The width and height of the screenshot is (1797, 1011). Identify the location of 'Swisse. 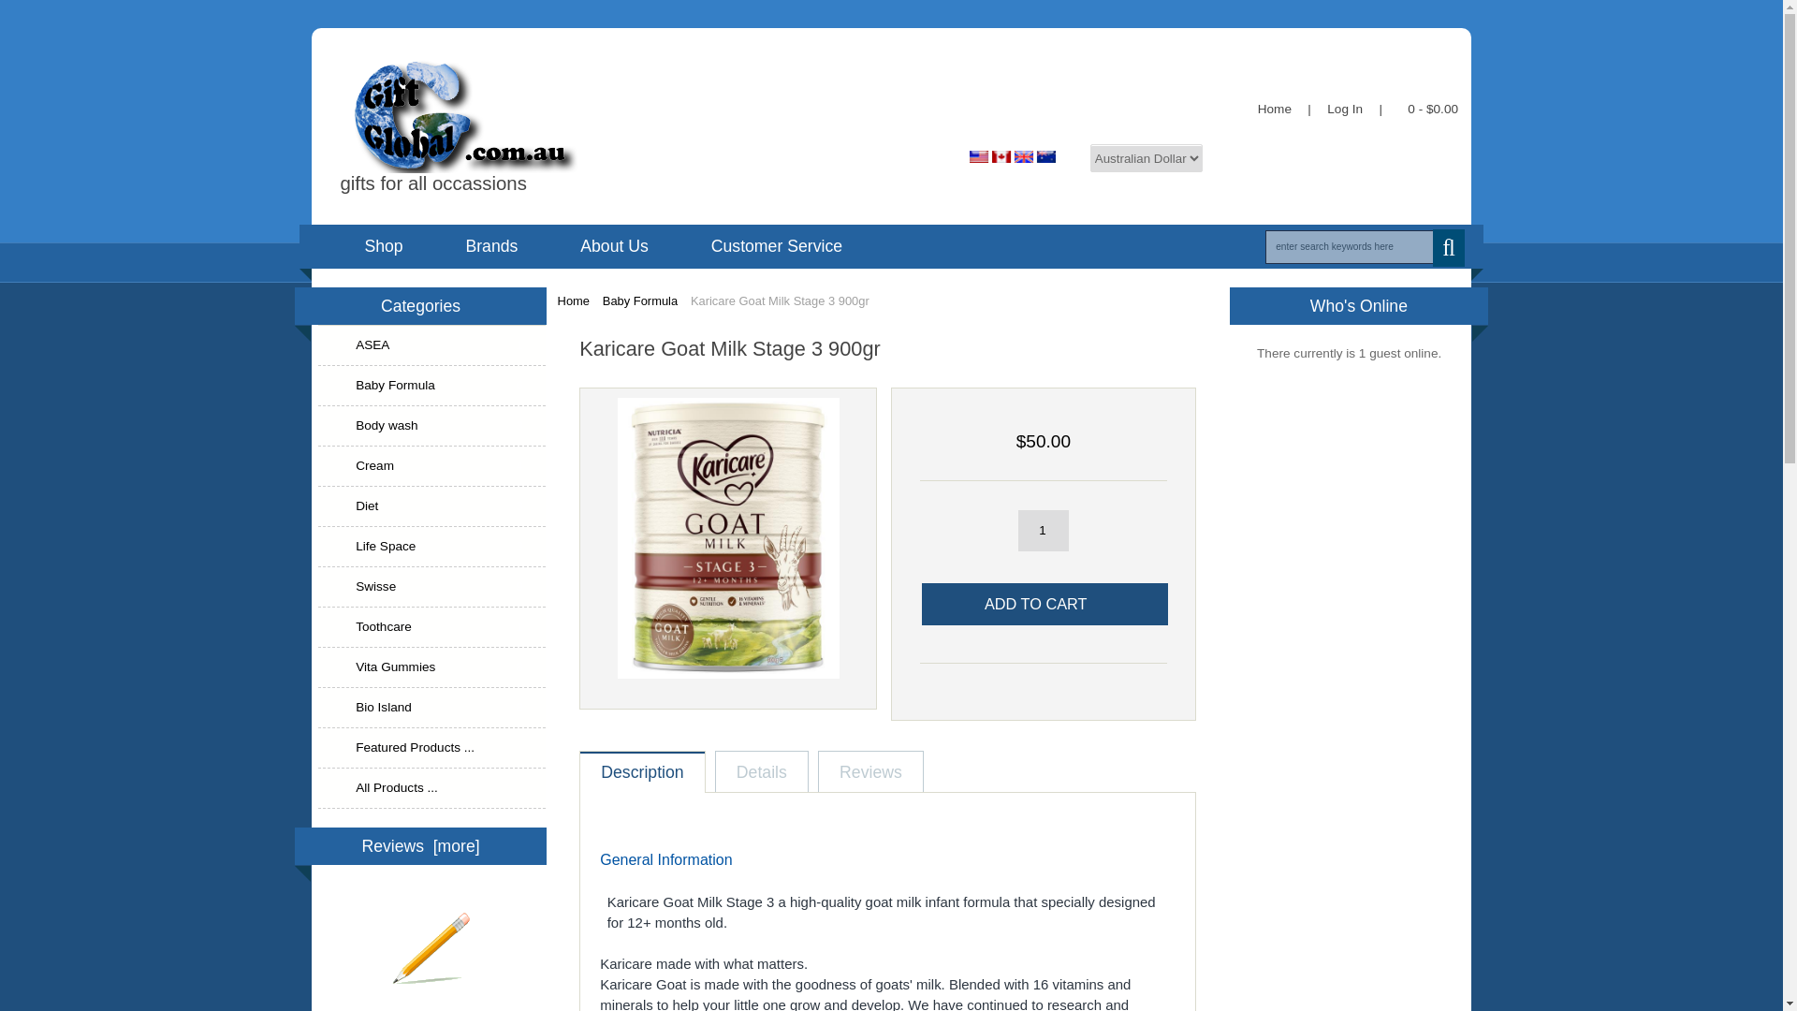
(318, 586).